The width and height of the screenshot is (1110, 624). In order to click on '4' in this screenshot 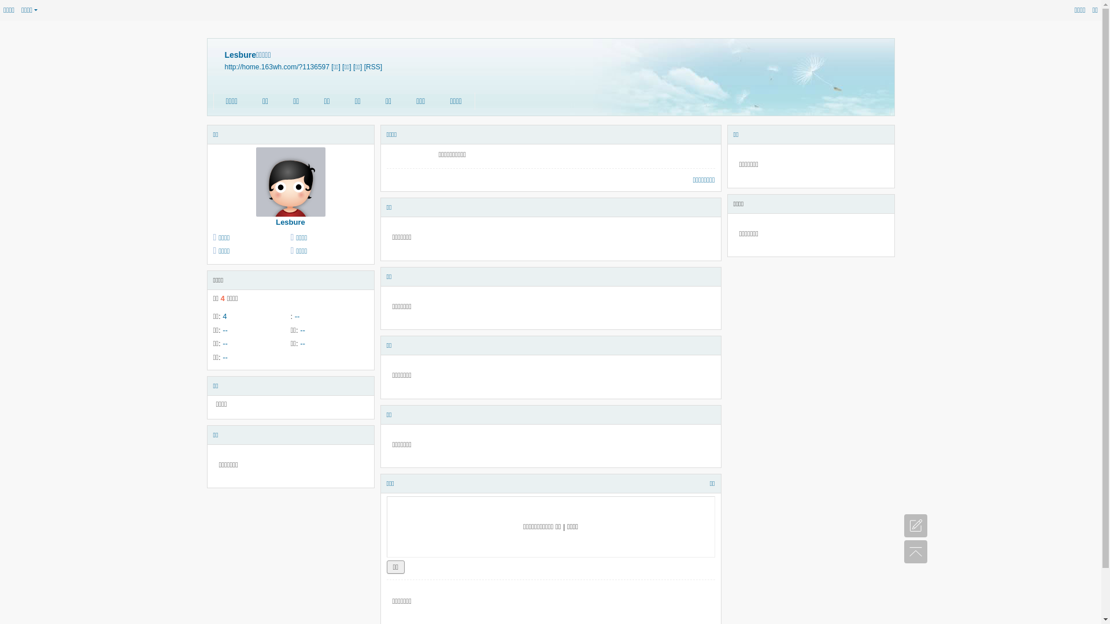, I will do `click(222, 316)`.